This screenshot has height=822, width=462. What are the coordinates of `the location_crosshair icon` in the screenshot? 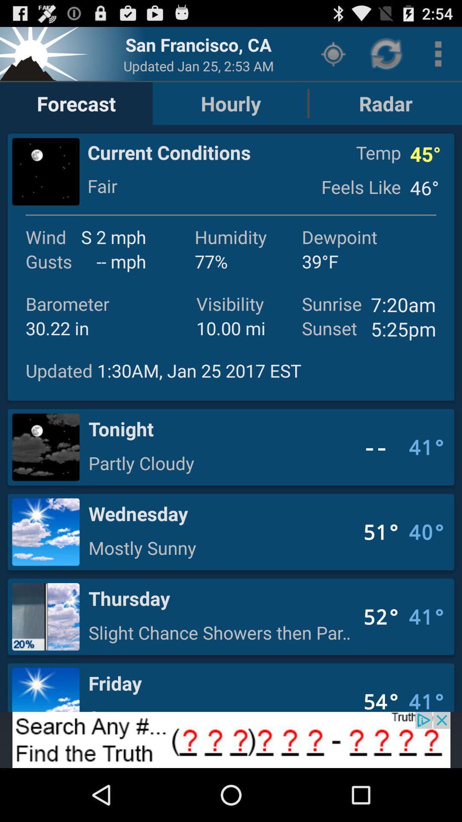 It's located at (333, 57).